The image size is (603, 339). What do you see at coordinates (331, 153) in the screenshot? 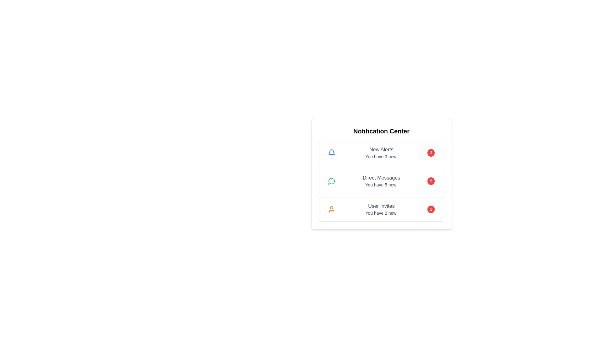
I see `the bell-shaped notification icon with a thin blue outline located in the top-left corner of the first notification entry in the 'Notification Center' module, adjacent to the 'New Alerts' text label` at bounding box center [331, 153].